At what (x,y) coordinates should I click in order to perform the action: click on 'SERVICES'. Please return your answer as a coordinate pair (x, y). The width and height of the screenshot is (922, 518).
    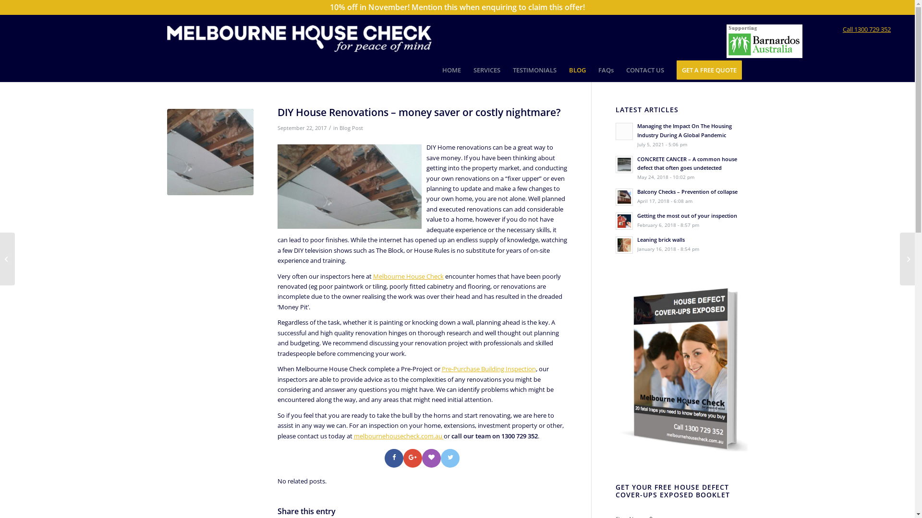
    Looking at the image, I should click on (486, 70).